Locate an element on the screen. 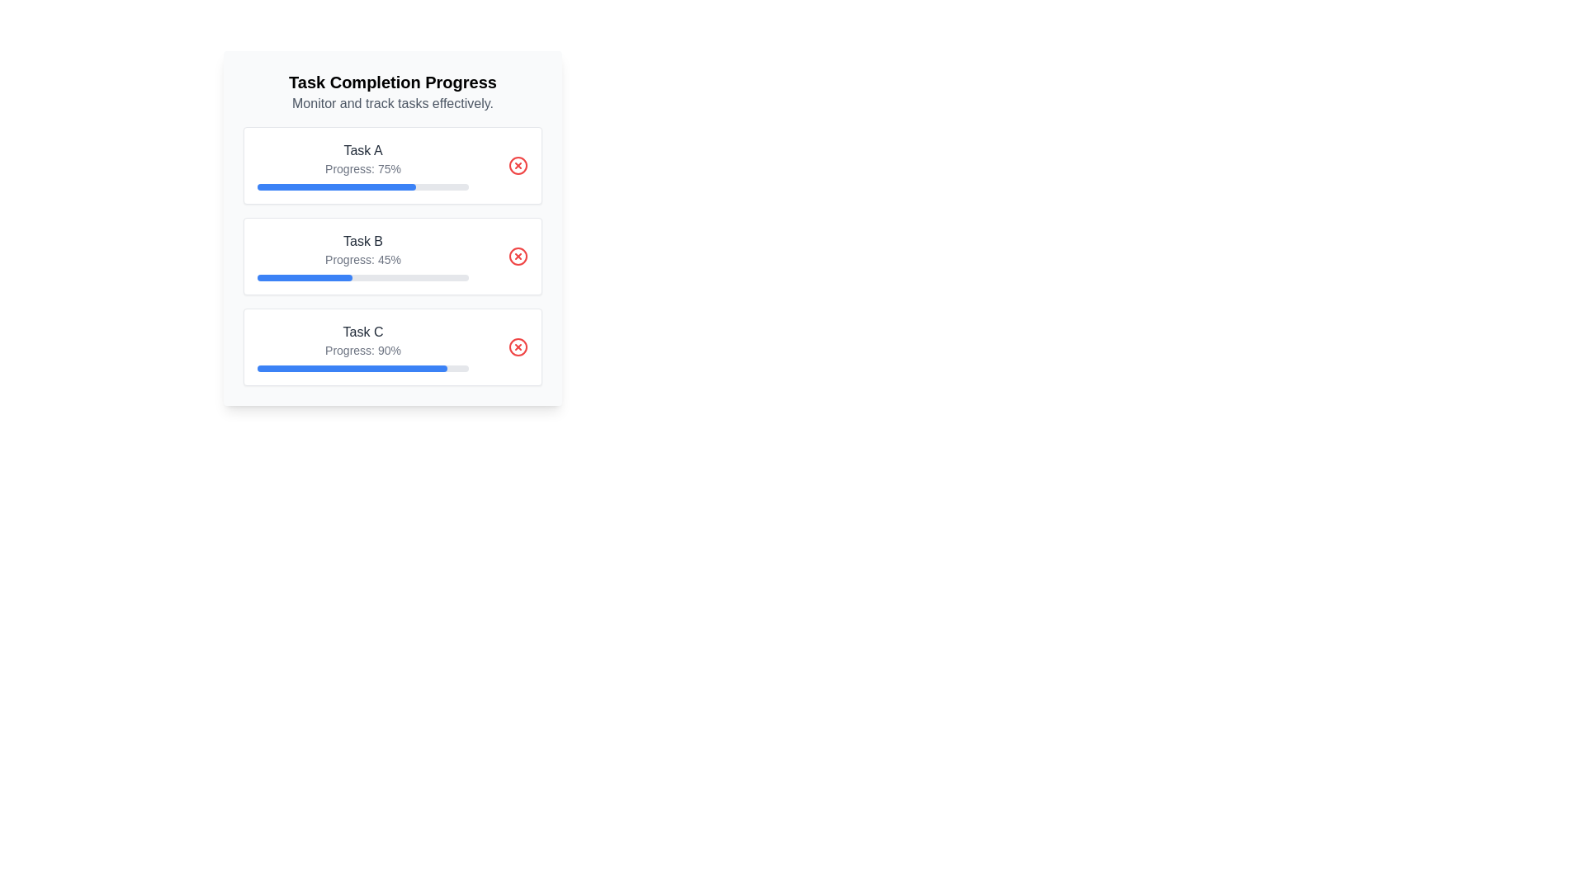 Image resolution: width=1585 pixels, height=891 pixels. the text label that displays the progress percentage for the associated task, positioned below the title 'Task C' and above the progress bar is located at coordinates (362, 349).